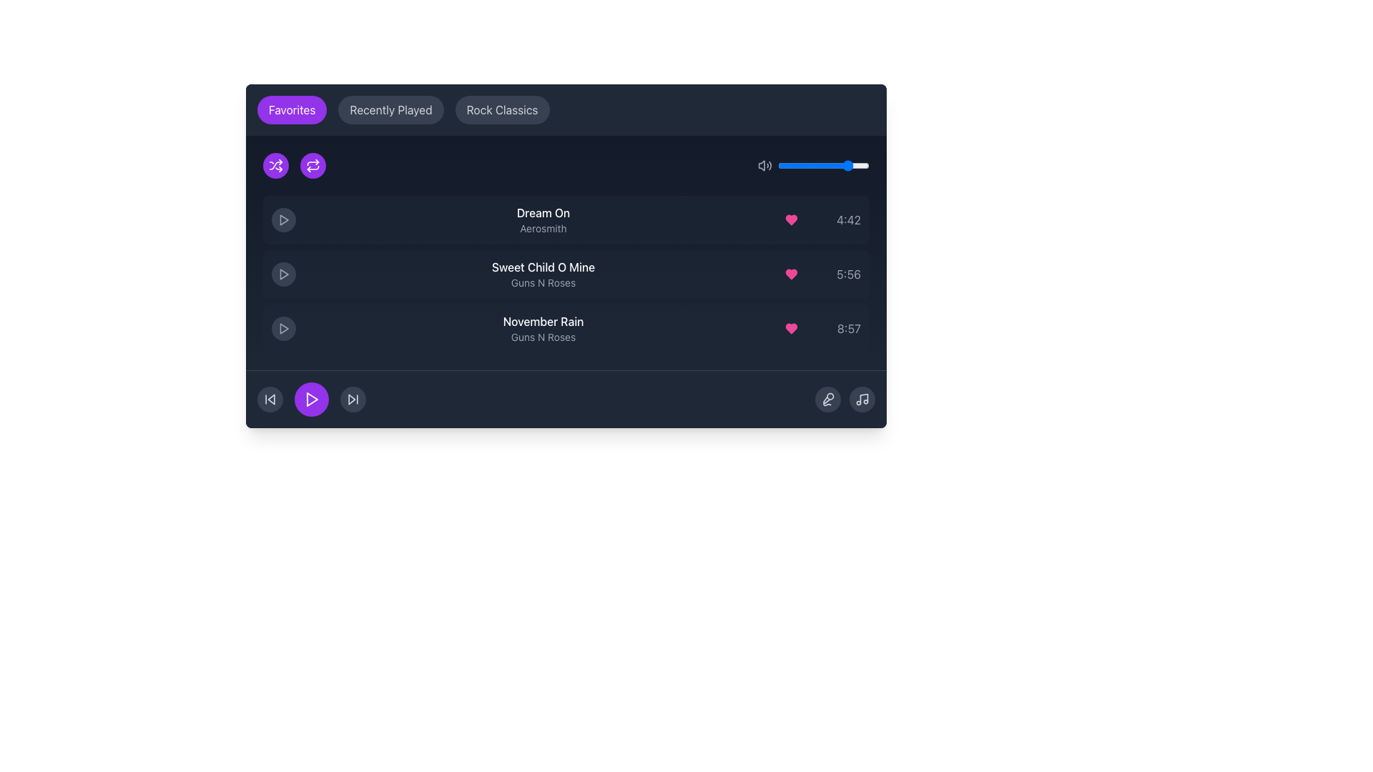  What do you see at coordinates (827, 400) in the screenshot?
I see `the microphone graphic icon located at the bottom-right corner of the dark-themed music interface` at bounding box center [827, 400].